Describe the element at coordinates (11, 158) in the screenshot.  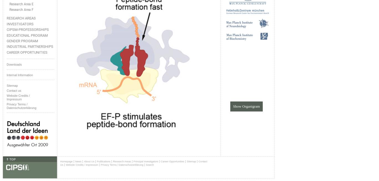
I see `'⇑ TOP'` at that location.